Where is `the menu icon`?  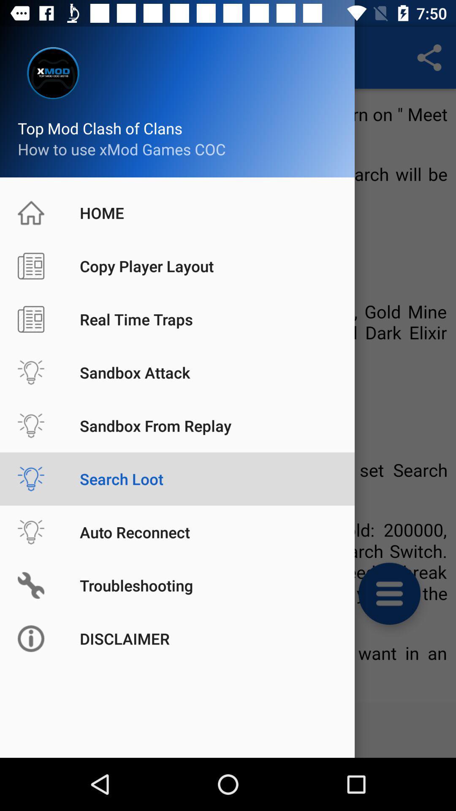
the menu icon is located at coordinates (389, 593).